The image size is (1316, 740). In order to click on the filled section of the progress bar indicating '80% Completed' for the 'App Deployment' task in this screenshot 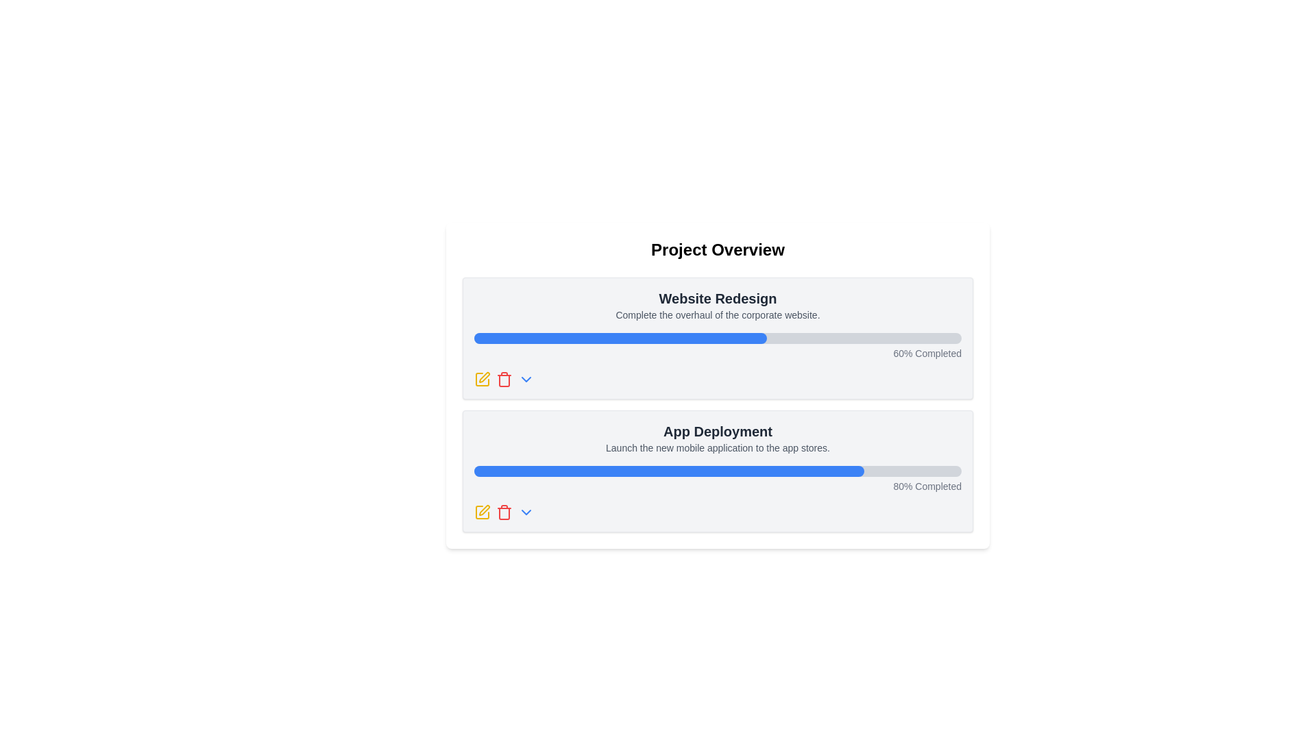, I will do `click(669, 470)`.